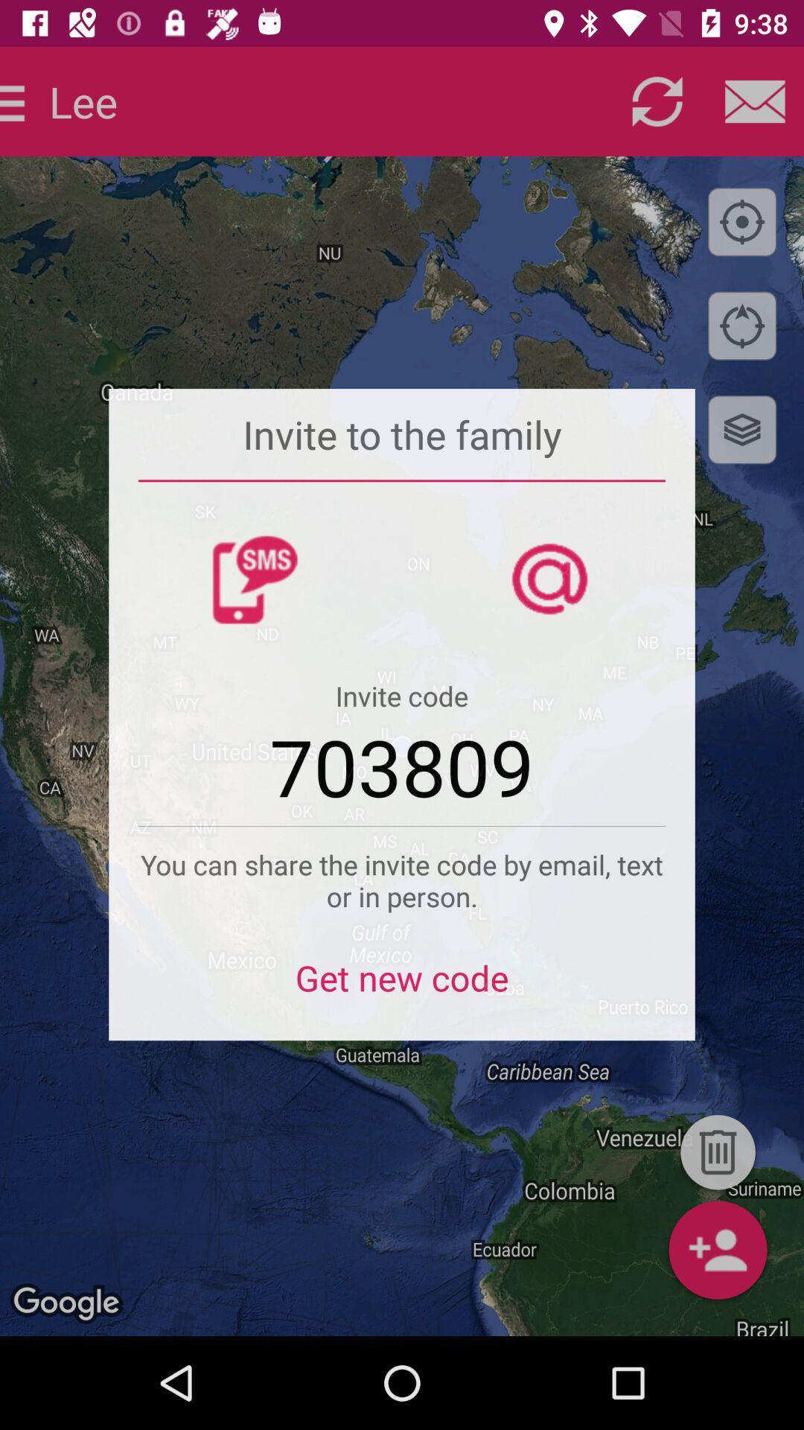  I want to click on the get new code icon, so click(402, 987).